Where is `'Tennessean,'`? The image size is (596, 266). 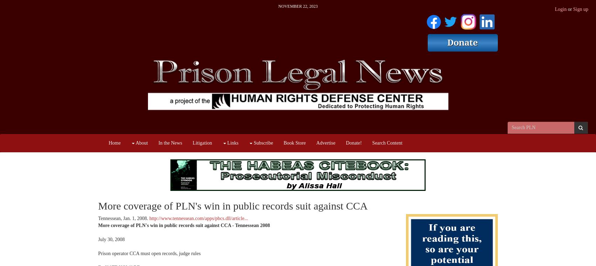 'Tennessean,' is located at coordinates (110, 218).